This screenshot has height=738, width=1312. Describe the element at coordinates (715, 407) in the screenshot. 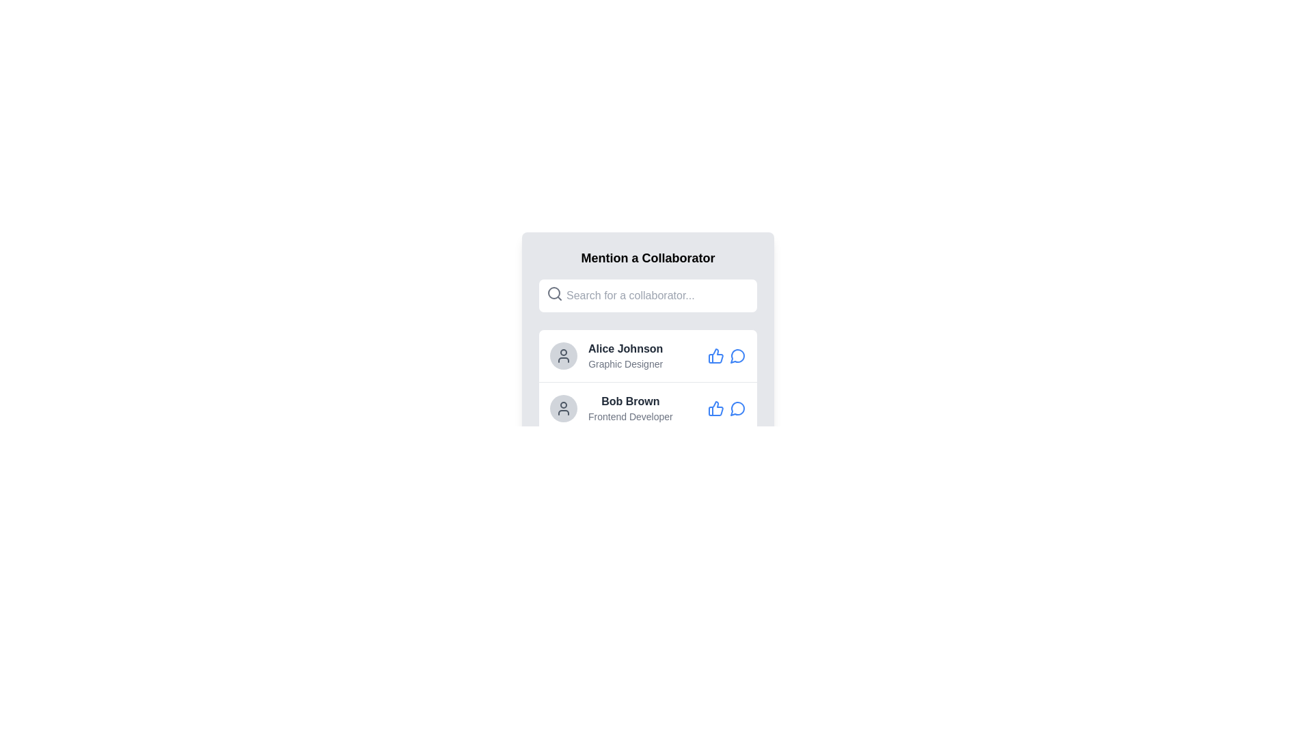

I see `the thumbs-up icon button` at that location.